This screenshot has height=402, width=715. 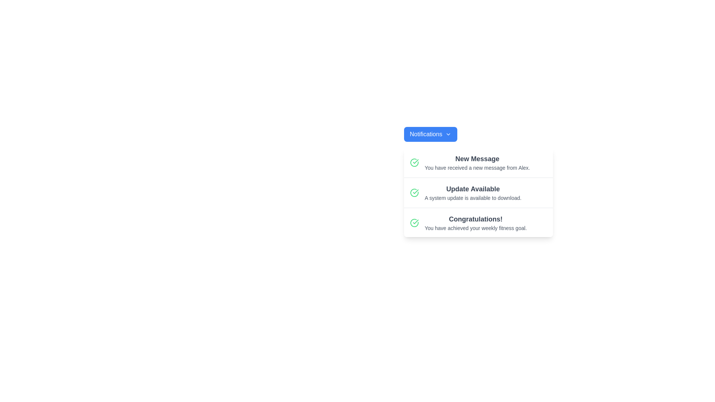 I want to click on the static text label providing additional information about the 'Update Available' notification, which is located in the notification panel below the title and between other notifications, so click(x=473, y=198).